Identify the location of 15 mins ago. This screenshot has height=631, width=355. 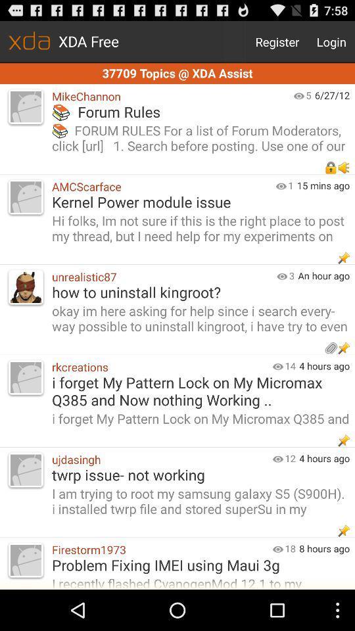
(325, 185).